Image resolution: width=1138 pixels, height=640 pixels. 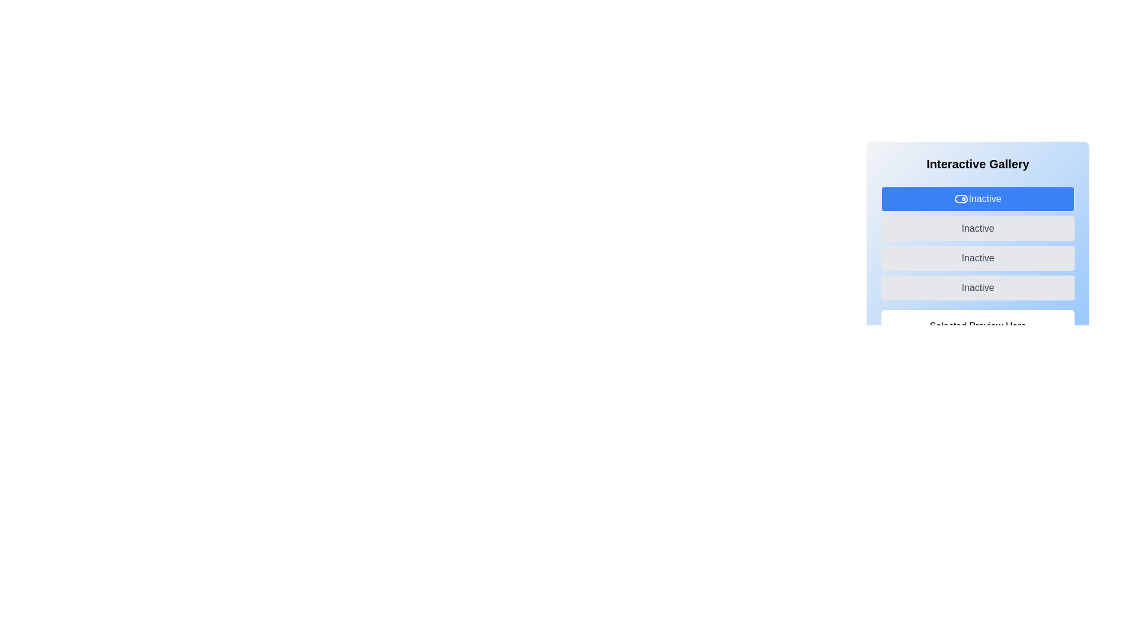 I want to click on the button corresponding to 2 to activate it and update the preview, so click(x=978, y=257).